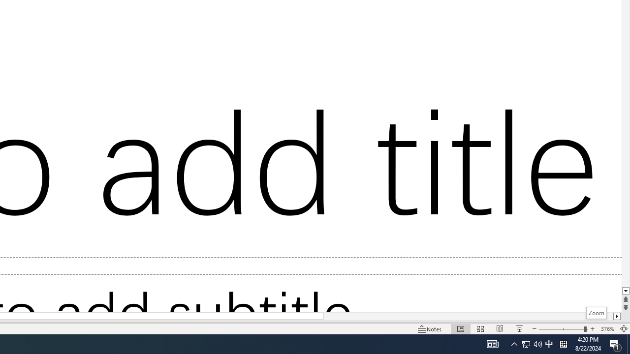  I want to click on 'Zoom 376%', so click(607, 329).